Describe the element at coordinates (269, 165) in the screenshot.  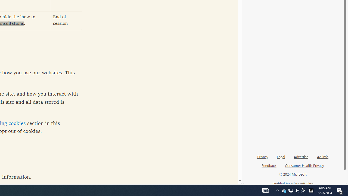
I see `'Feedback'` at that location.